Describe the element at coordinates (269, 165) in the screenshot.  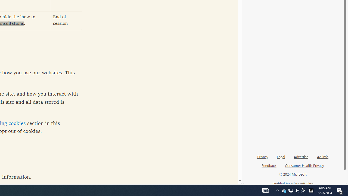
I see `'Feedback'` at that location.